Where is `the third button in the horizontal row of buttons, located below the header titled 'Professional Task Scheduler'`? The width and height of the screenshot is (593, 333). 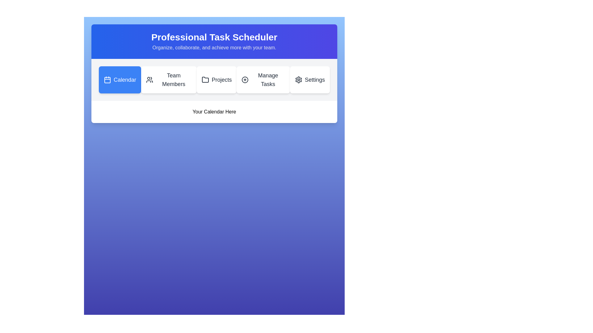
the third button in the horizontal row of buttons, located below the header titled 'Professional Task Scheduler' is located at coordinates (217, 79).